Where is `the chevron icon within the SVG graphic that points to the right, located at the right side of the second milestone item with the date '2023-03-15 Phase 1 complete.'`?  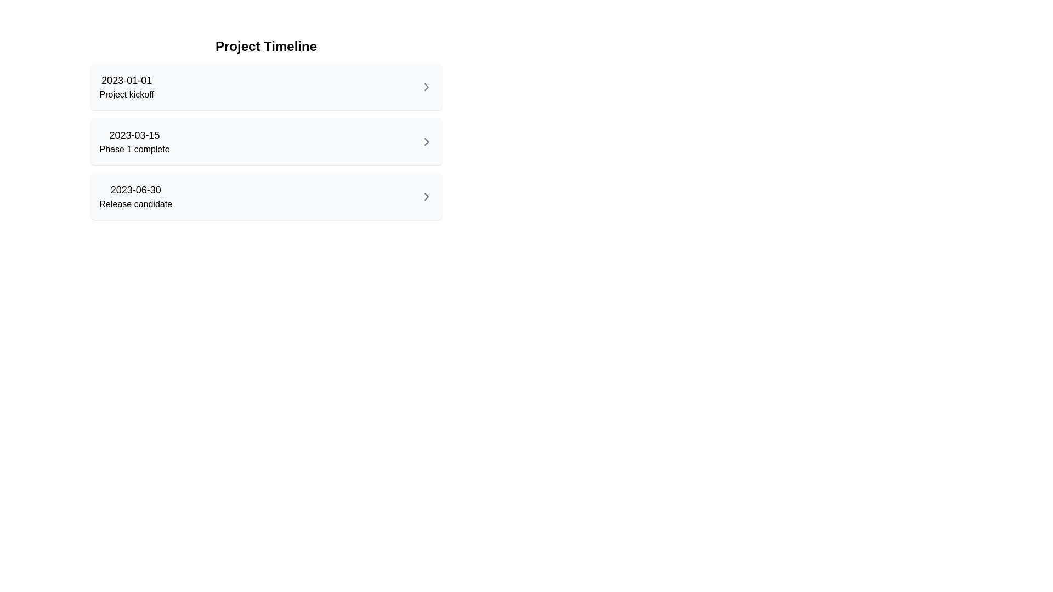
the chevron icon within the SVG graphic that points to the right, located at the right side of the second milestone item with the date '2023-03-15 Phase 1 complete.' is located at coordinates (426, 141).